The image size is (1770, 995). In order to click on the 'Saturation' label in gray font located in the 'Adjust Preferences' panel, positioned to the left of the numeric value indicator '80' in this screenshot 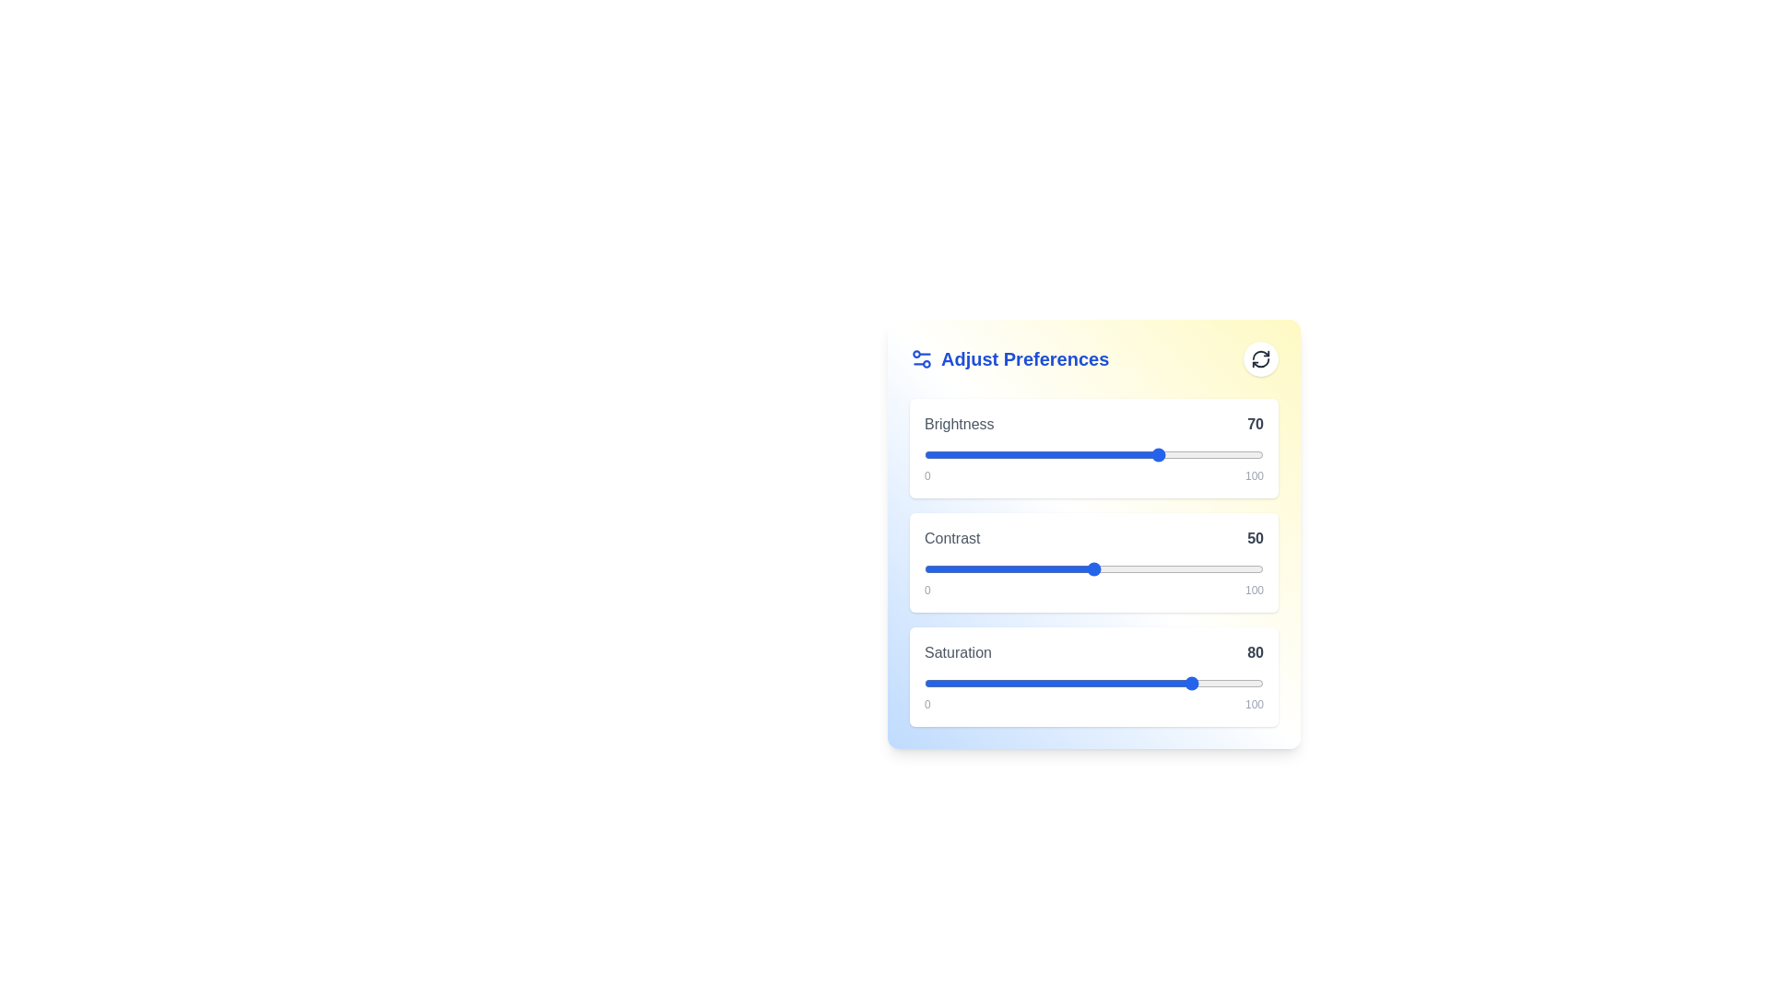, I will do `click(958, 652)`.